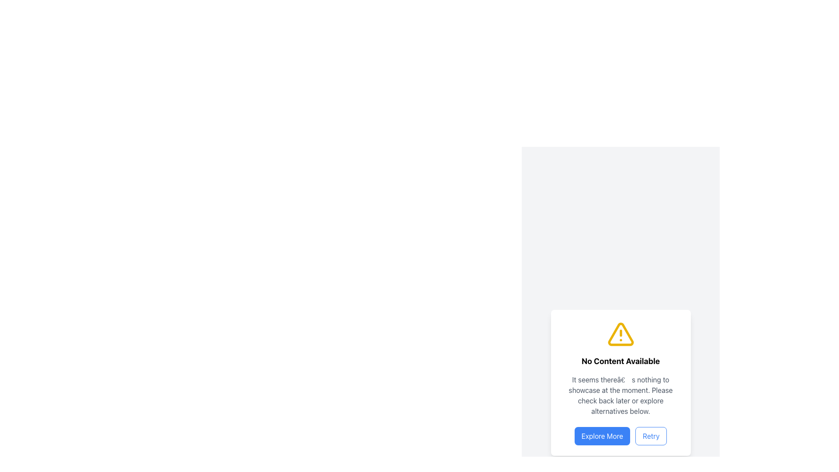 The width and height of the screenshot is (839, 472). Describe the element at coordinates (620, 334) in the screenshot. I see `the warning icon located centrally within the 'No Content Available' card, which symbolizes an issue or absence of content` at that location.